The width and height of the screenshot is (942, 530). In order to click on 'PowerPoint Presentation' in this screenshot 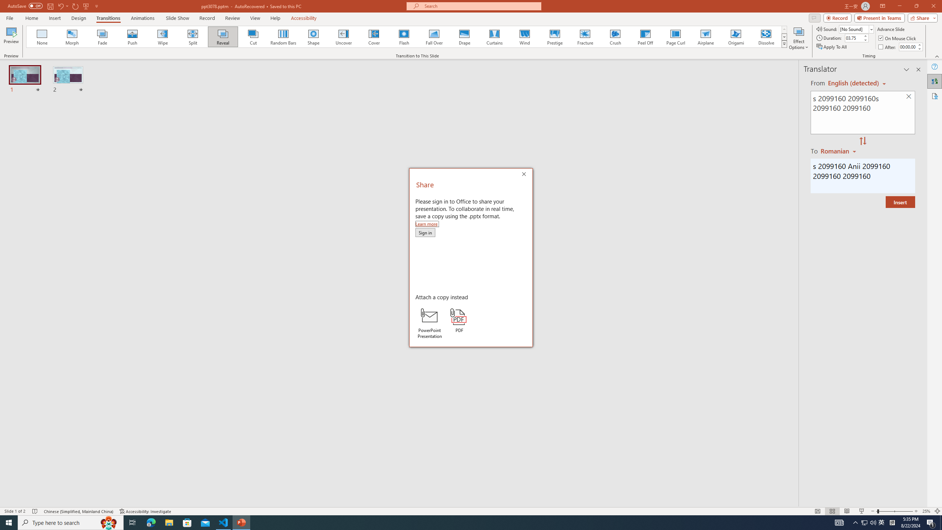, I will do `click(429, 323)`.